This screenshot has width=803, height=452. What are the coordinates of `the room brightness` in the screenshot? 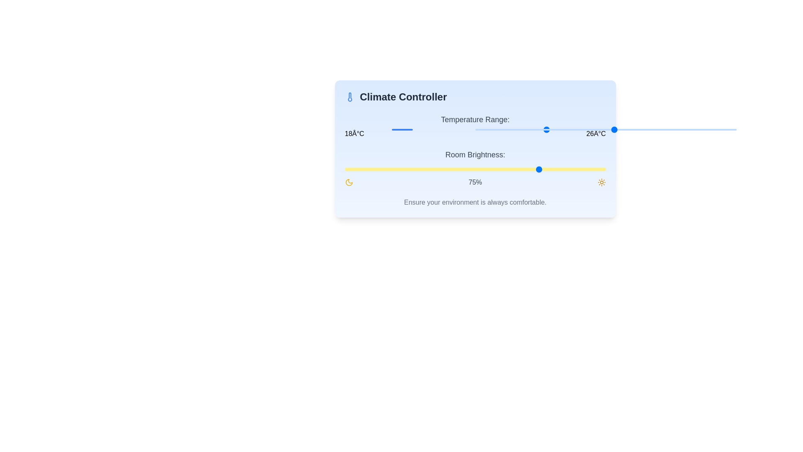 It's located at (423, 169).